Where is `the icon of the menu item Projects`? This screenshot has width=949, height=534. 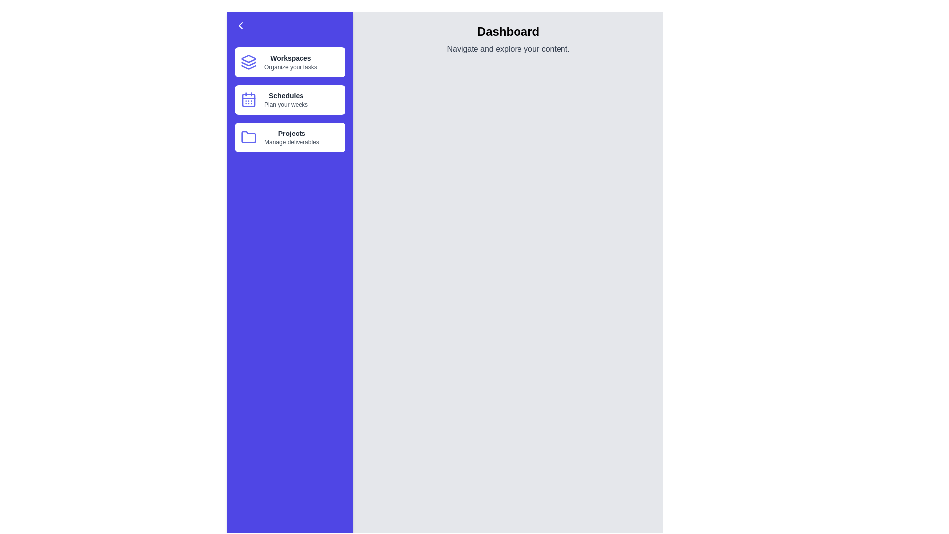 the icon of the menu item Projects is located at coordinates (249, 137).